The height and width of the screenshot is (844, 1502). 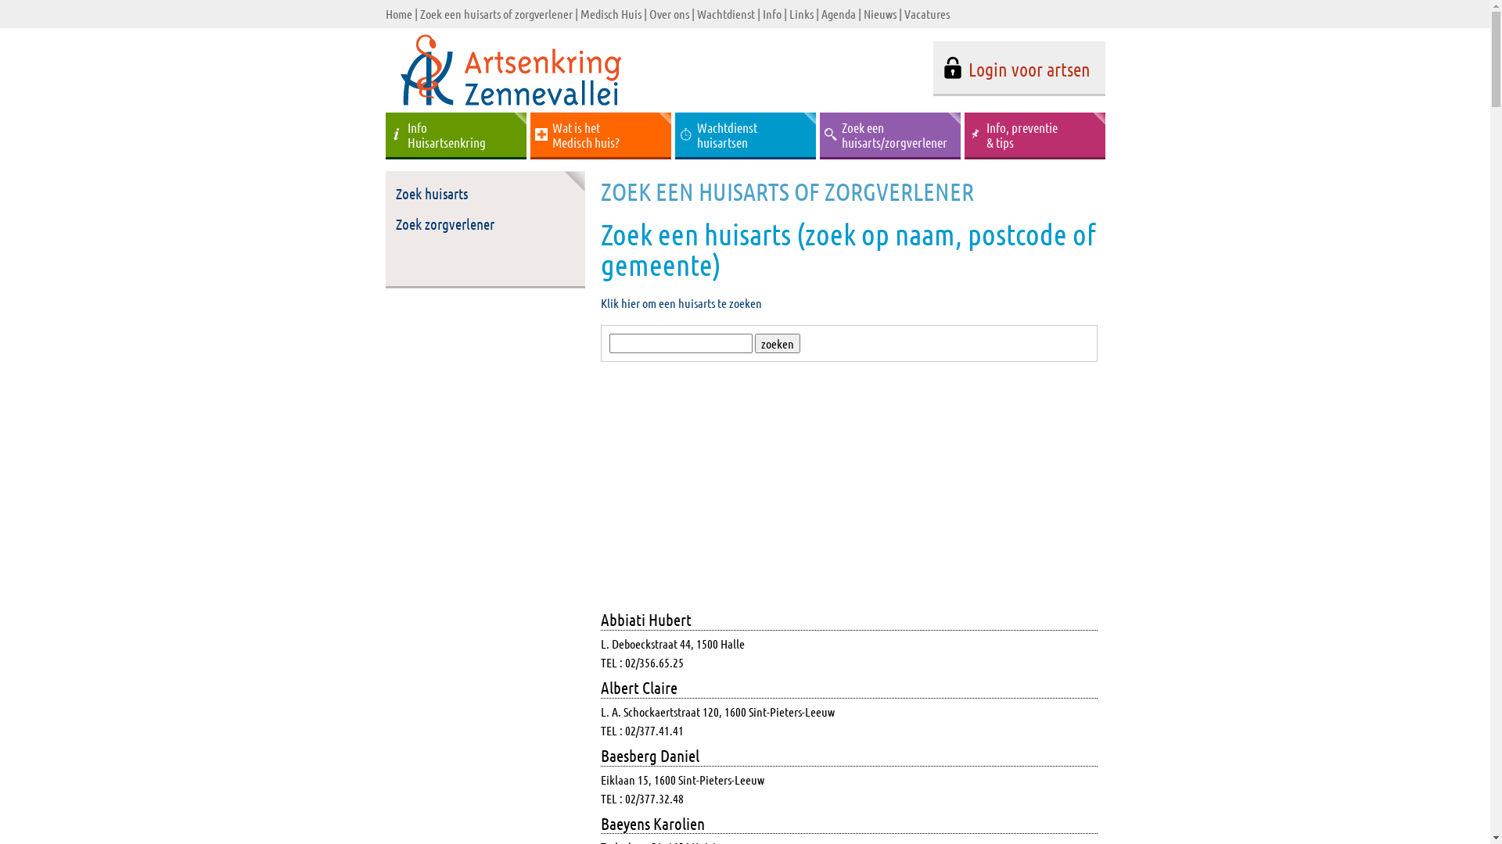 What do you see at coordinates (889, 134) in the screenshot?
I see `'Zoek een huisarts/zorgverlener'` at bounding box center [889, 134].